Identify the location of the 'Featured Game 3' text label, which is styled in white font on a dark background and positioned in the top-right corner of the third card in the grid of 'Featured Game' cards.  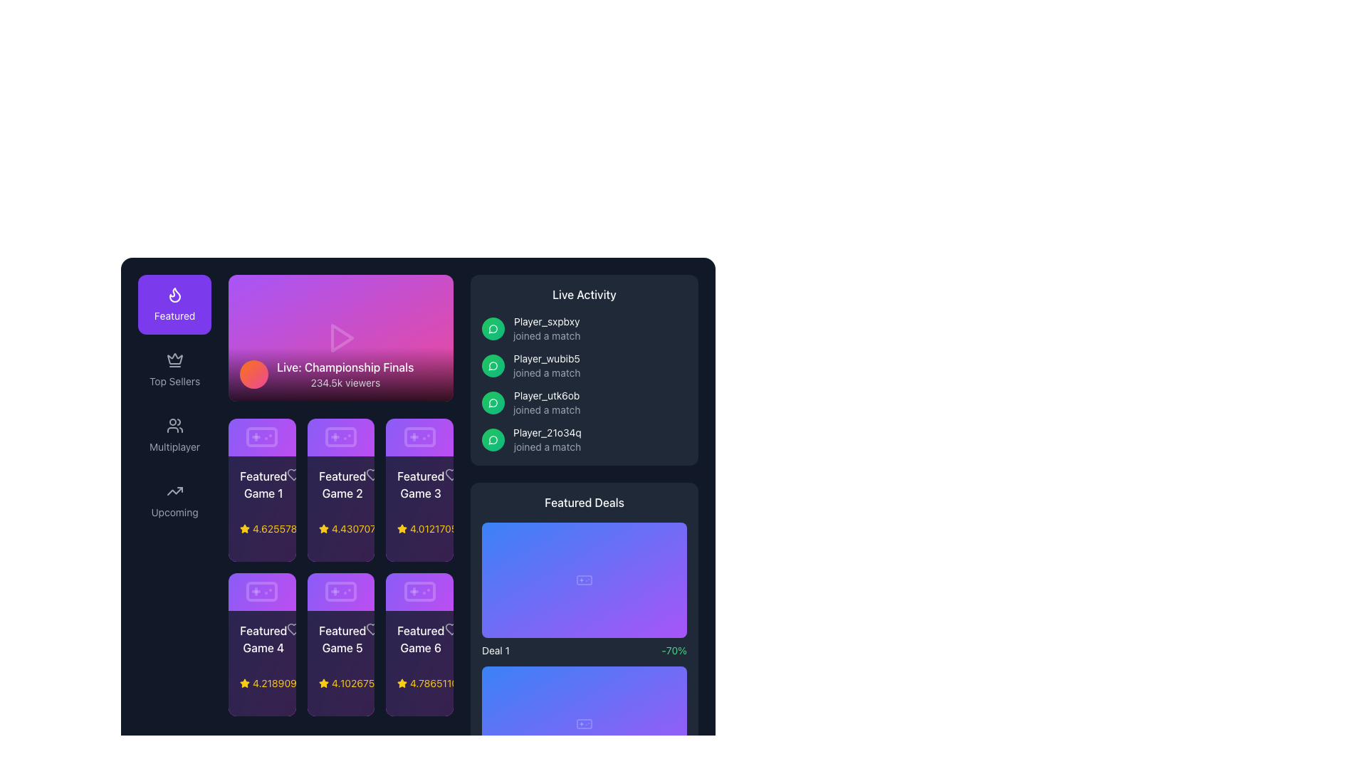
(419, 483).